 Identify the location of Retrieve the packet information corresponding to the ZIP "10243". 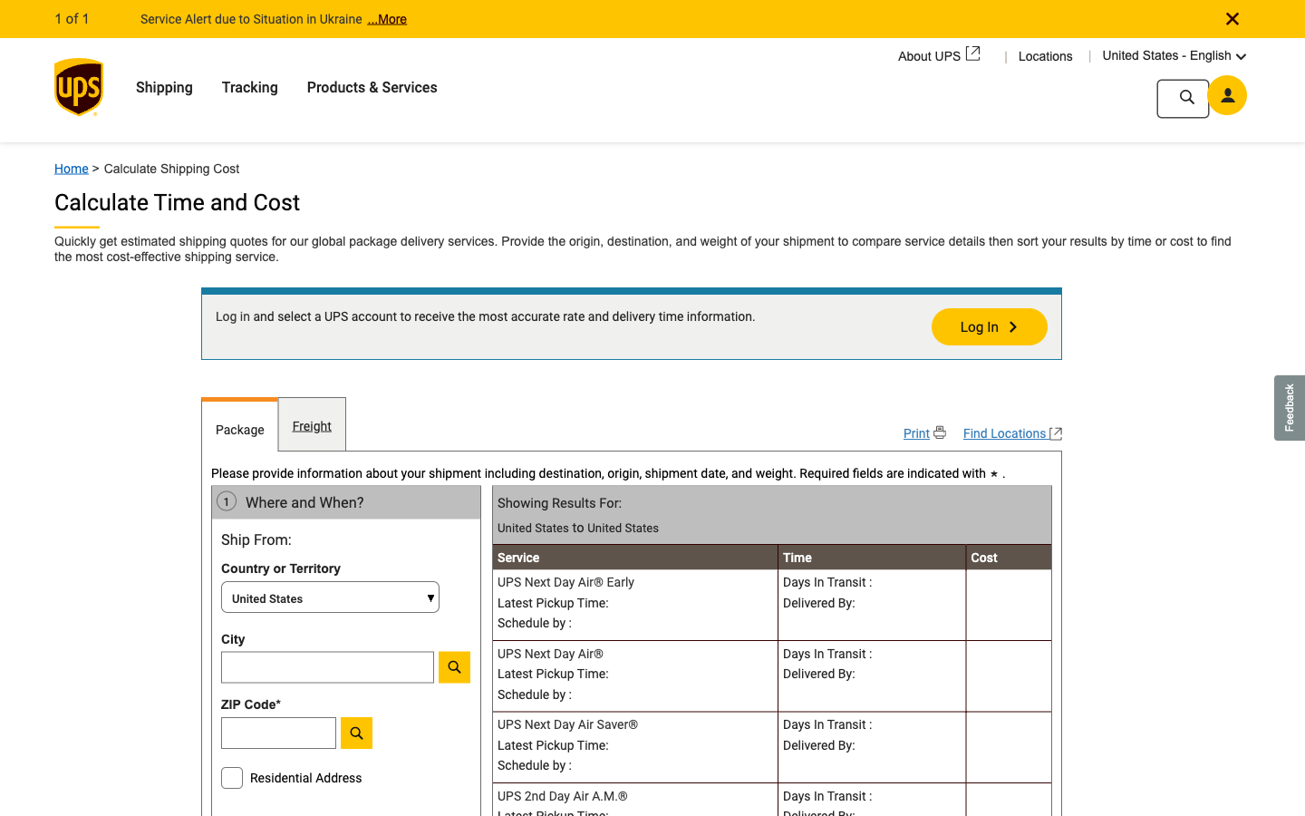
(326, 737).